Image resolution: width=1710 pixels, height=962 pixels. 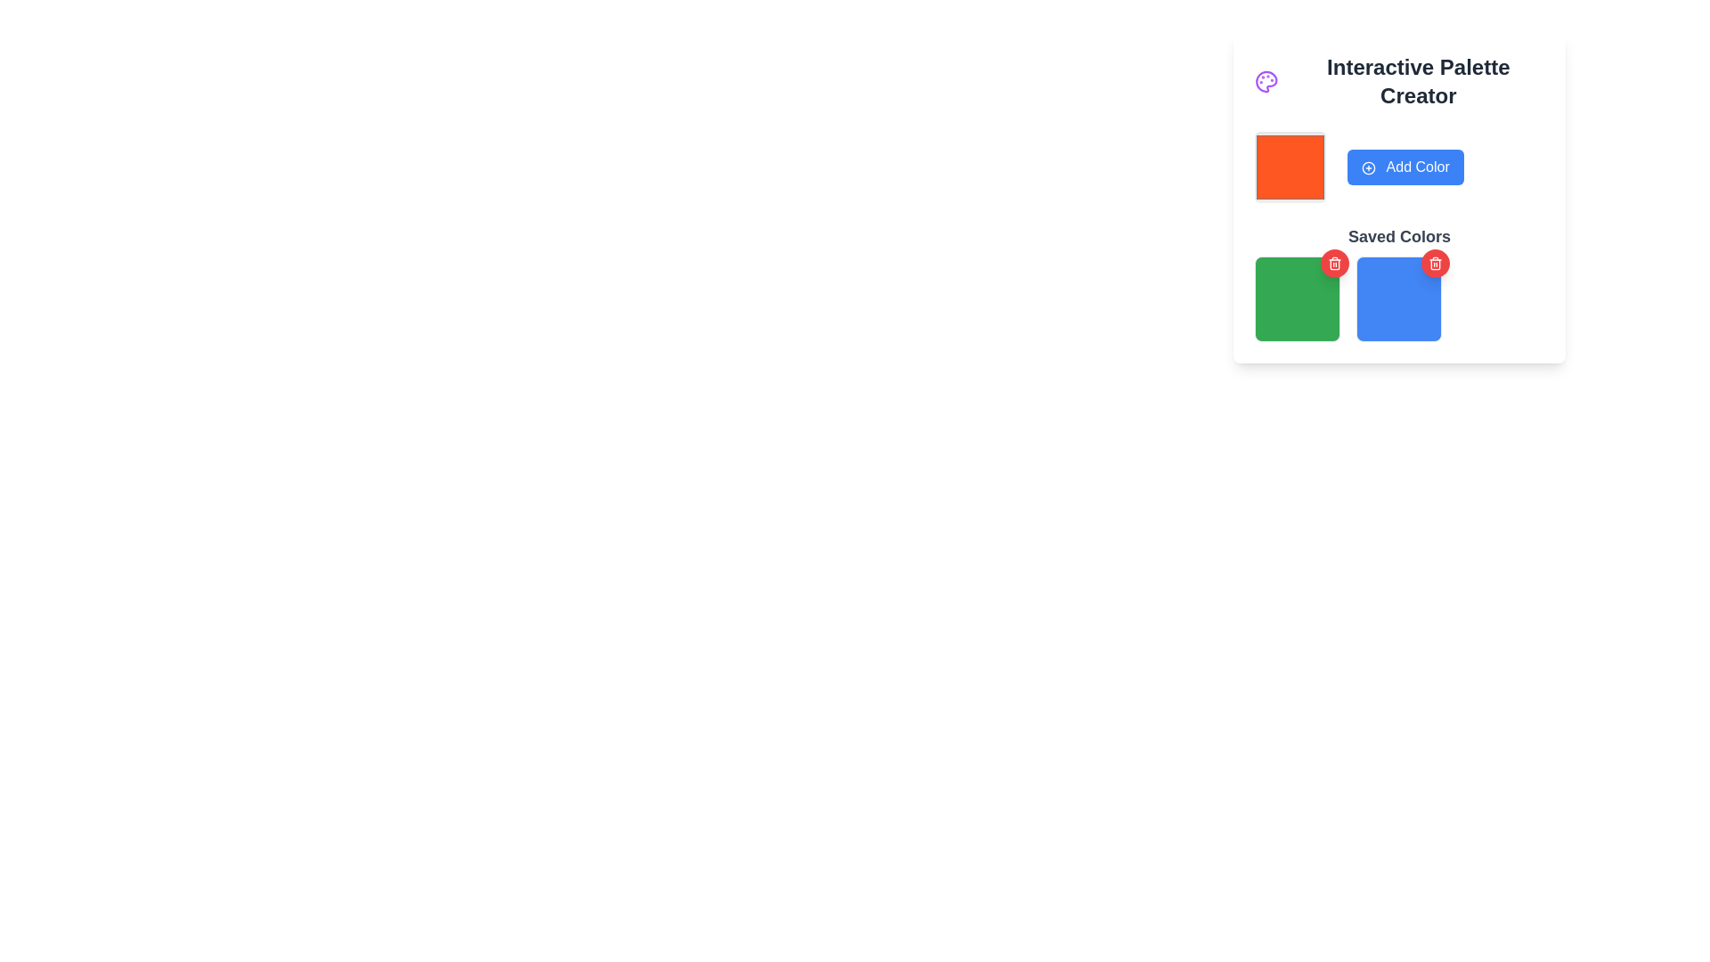 What do you see at coordinates (1397, 298) in the screenshot?
I see `the blue square colored block with rounded corners located in the second position of the 'Saved Colors' section, directly below the 'Add Color' button` at bounding box center [1397, 298].